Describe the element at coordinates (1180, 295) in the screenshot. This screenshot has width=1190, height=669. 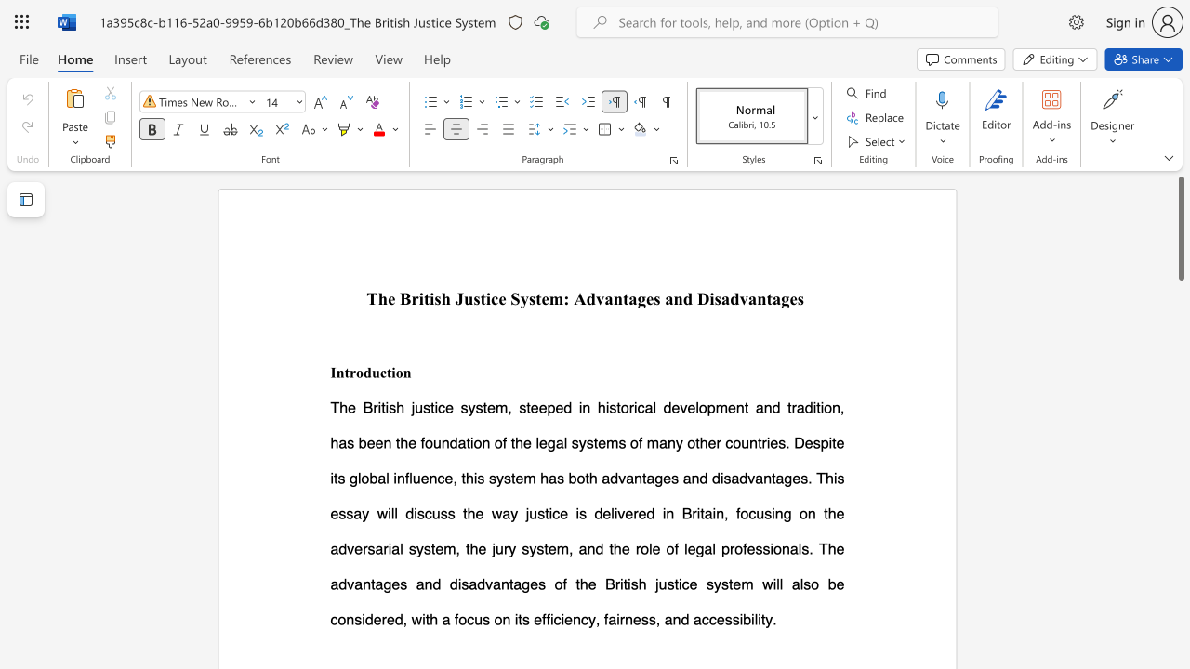
I see `the scrollbar on the right to shift the page lower` at that location.